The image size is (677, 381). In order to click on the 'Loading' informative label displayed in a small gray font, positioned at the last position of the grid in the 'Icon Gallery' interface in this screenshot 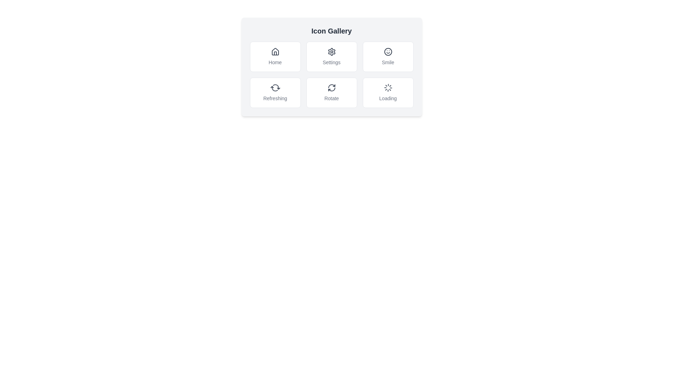, I will do `click(388, 98)`.